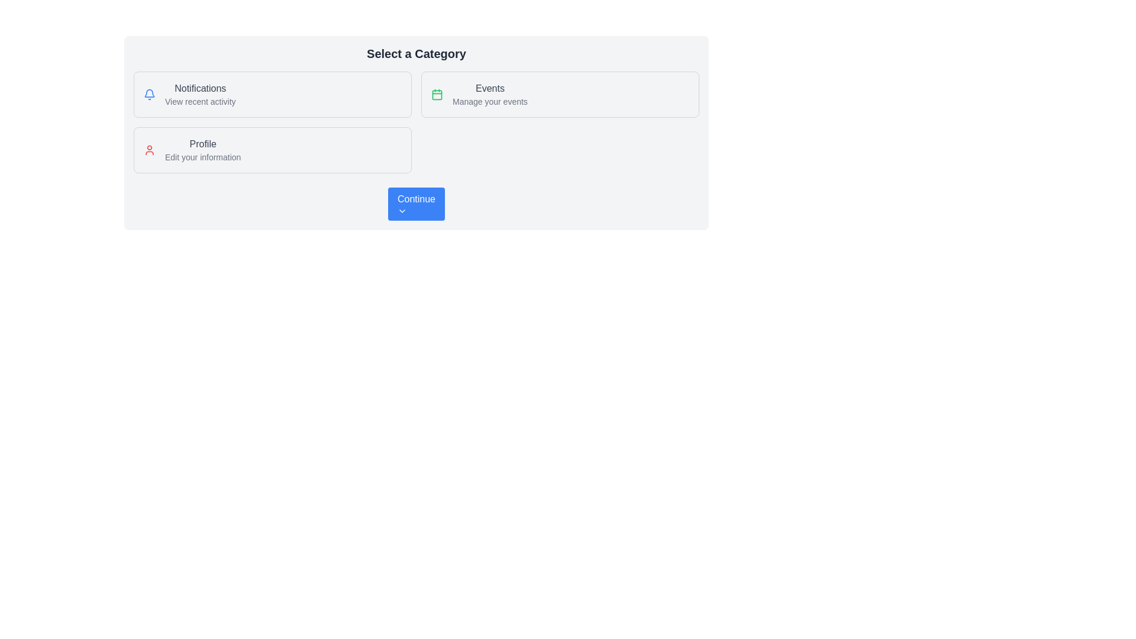 Image resolution: width=1136 pixels, height=639 pixels. I want to click on the red-colored user icon located to the left of the text 'Profile' within the 'Profile' card at the bottom-left side of the interface, so click(149, 150).